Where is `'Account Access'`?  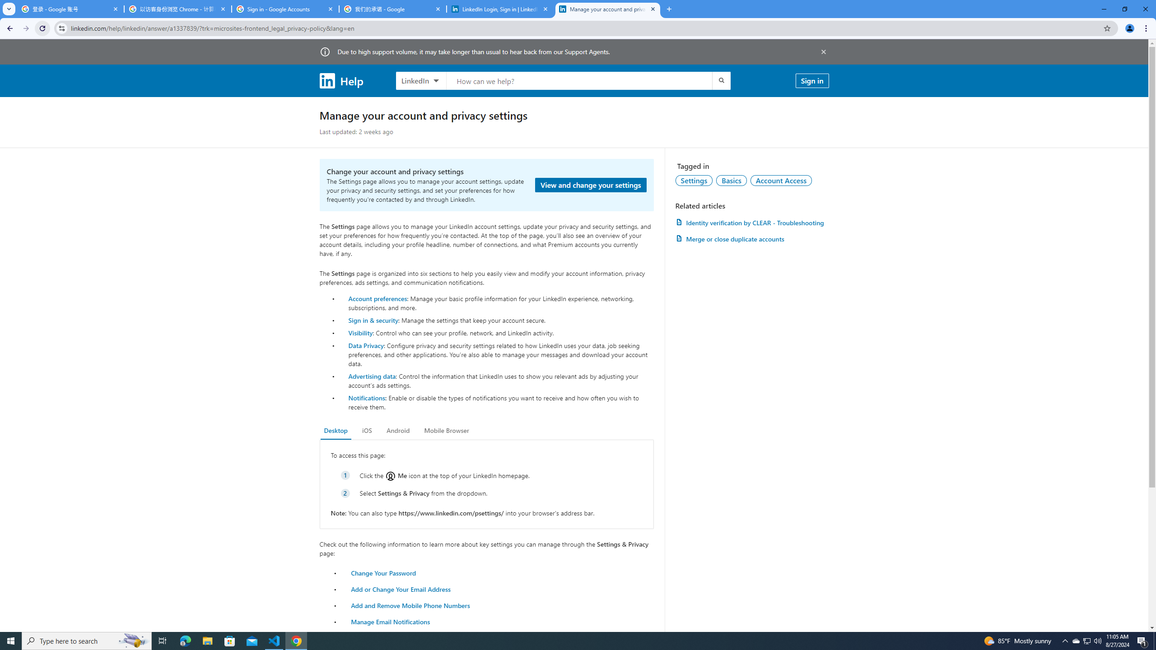 'Account Access' is located at coordinates (781, 180).